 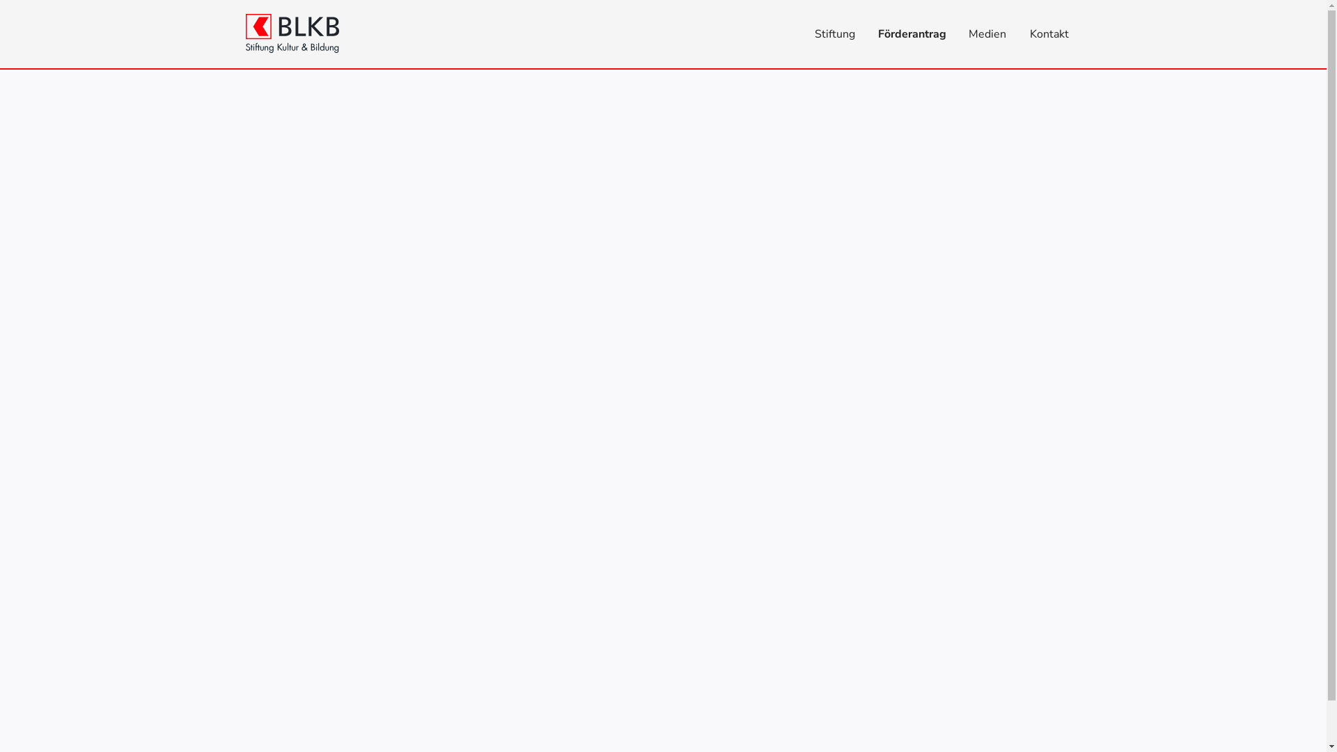 What do you see at coordinates (1049, 32) in the screenshot?
I see `'Kontakt'` at bounding box center [1049, 32].